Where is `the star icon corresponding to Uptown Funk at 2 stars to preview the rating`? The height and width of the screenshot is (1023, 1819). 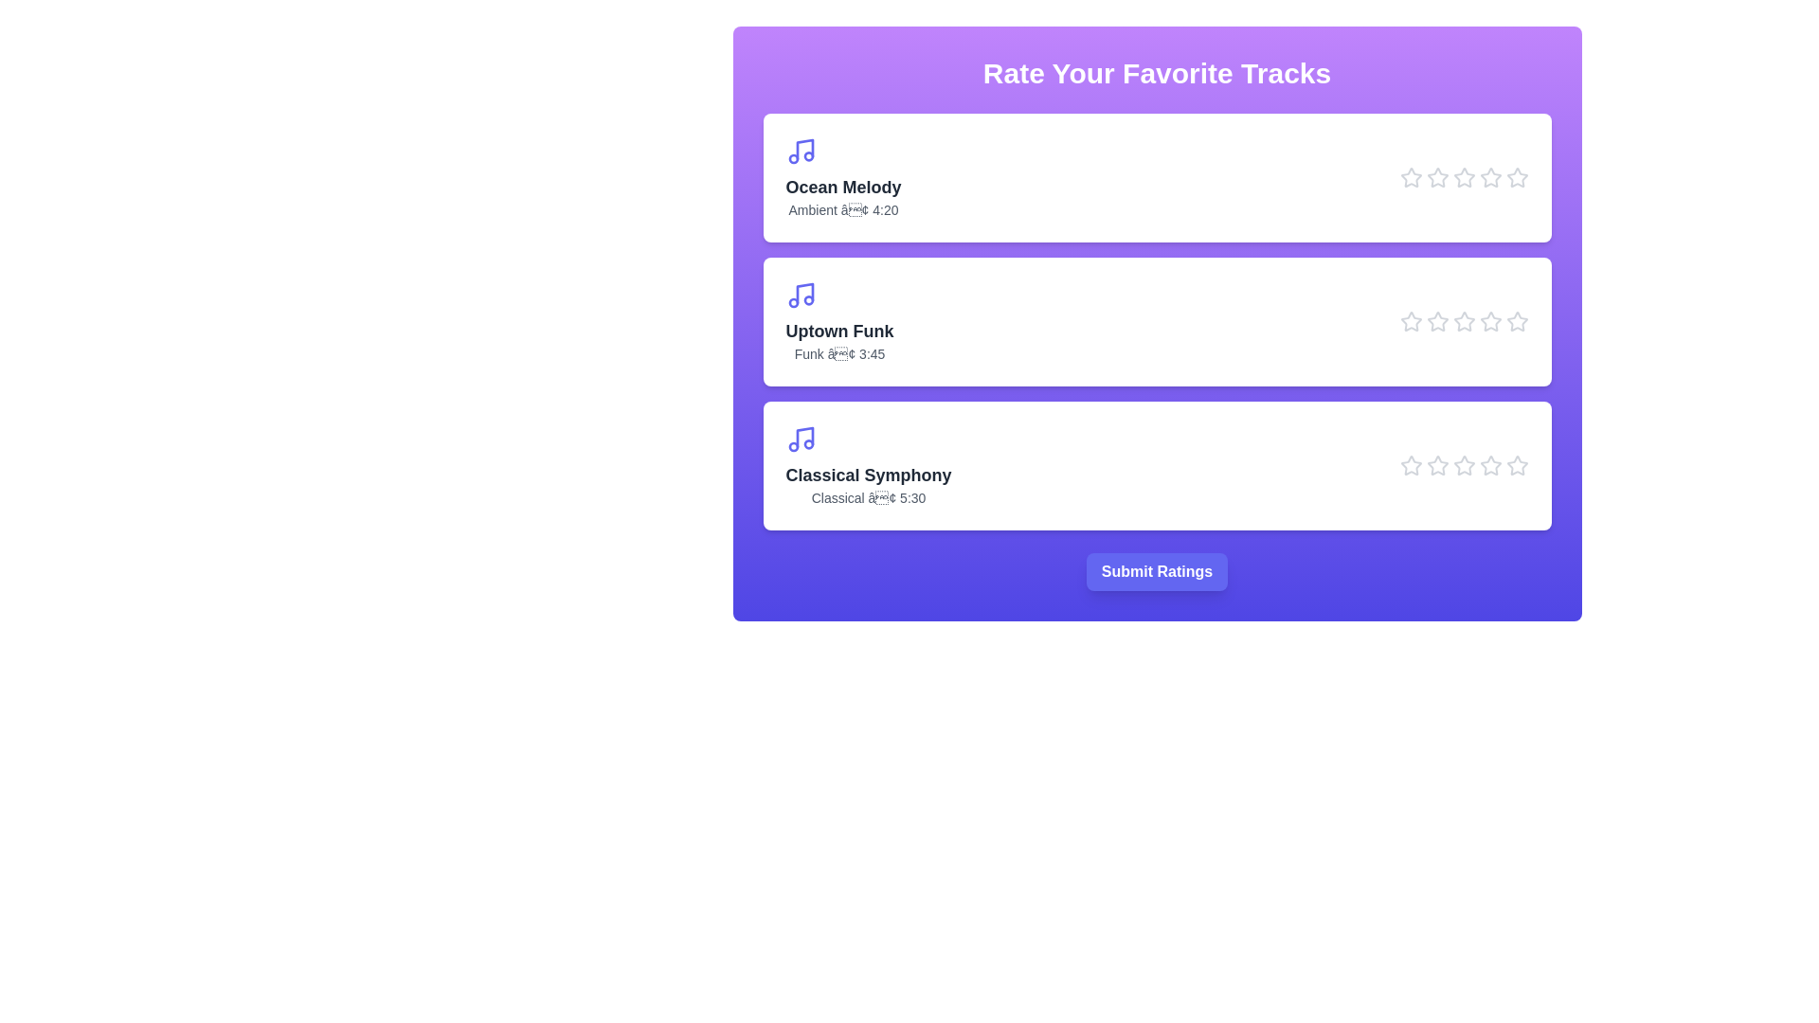
the star icon corresponding to Uptown Funk at 2 stars to preview the rating is located at coordinates (1437, 320).